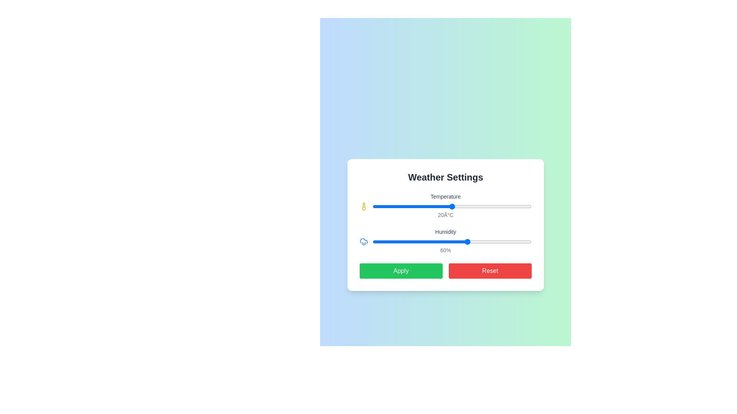 The height and width of the screenshot is (414, 737). Describe the element at coordinates (482, 242) in the screenshot. I see `humidity` at that location.